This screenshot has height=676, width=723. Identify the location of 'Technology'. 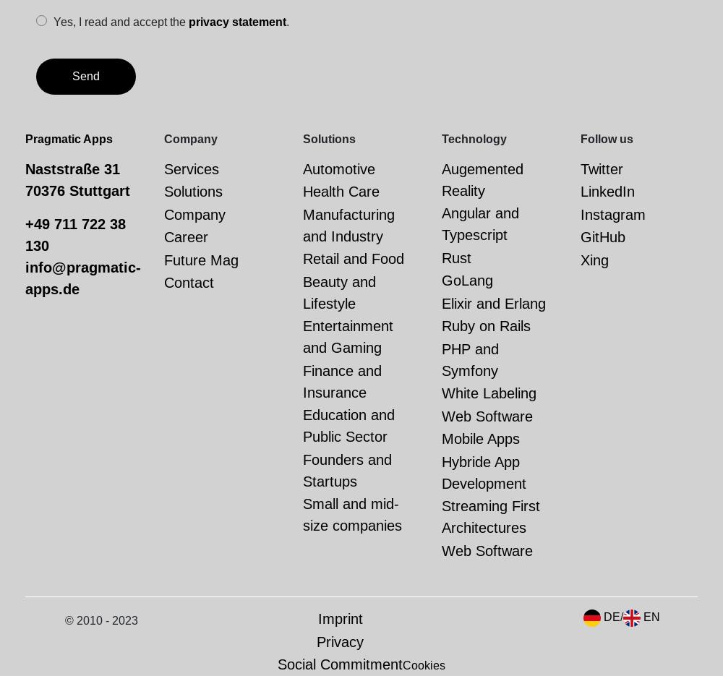
(474, 137).